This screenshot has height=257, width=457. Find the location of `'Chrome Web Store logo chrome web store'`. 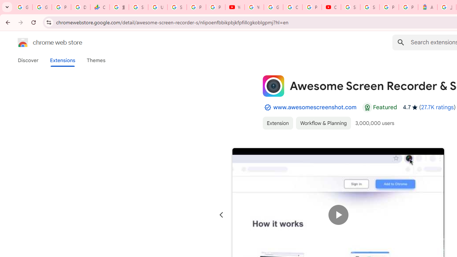

'Chrome Web Store logo chrome web store' is located at coordinates (42, 42).